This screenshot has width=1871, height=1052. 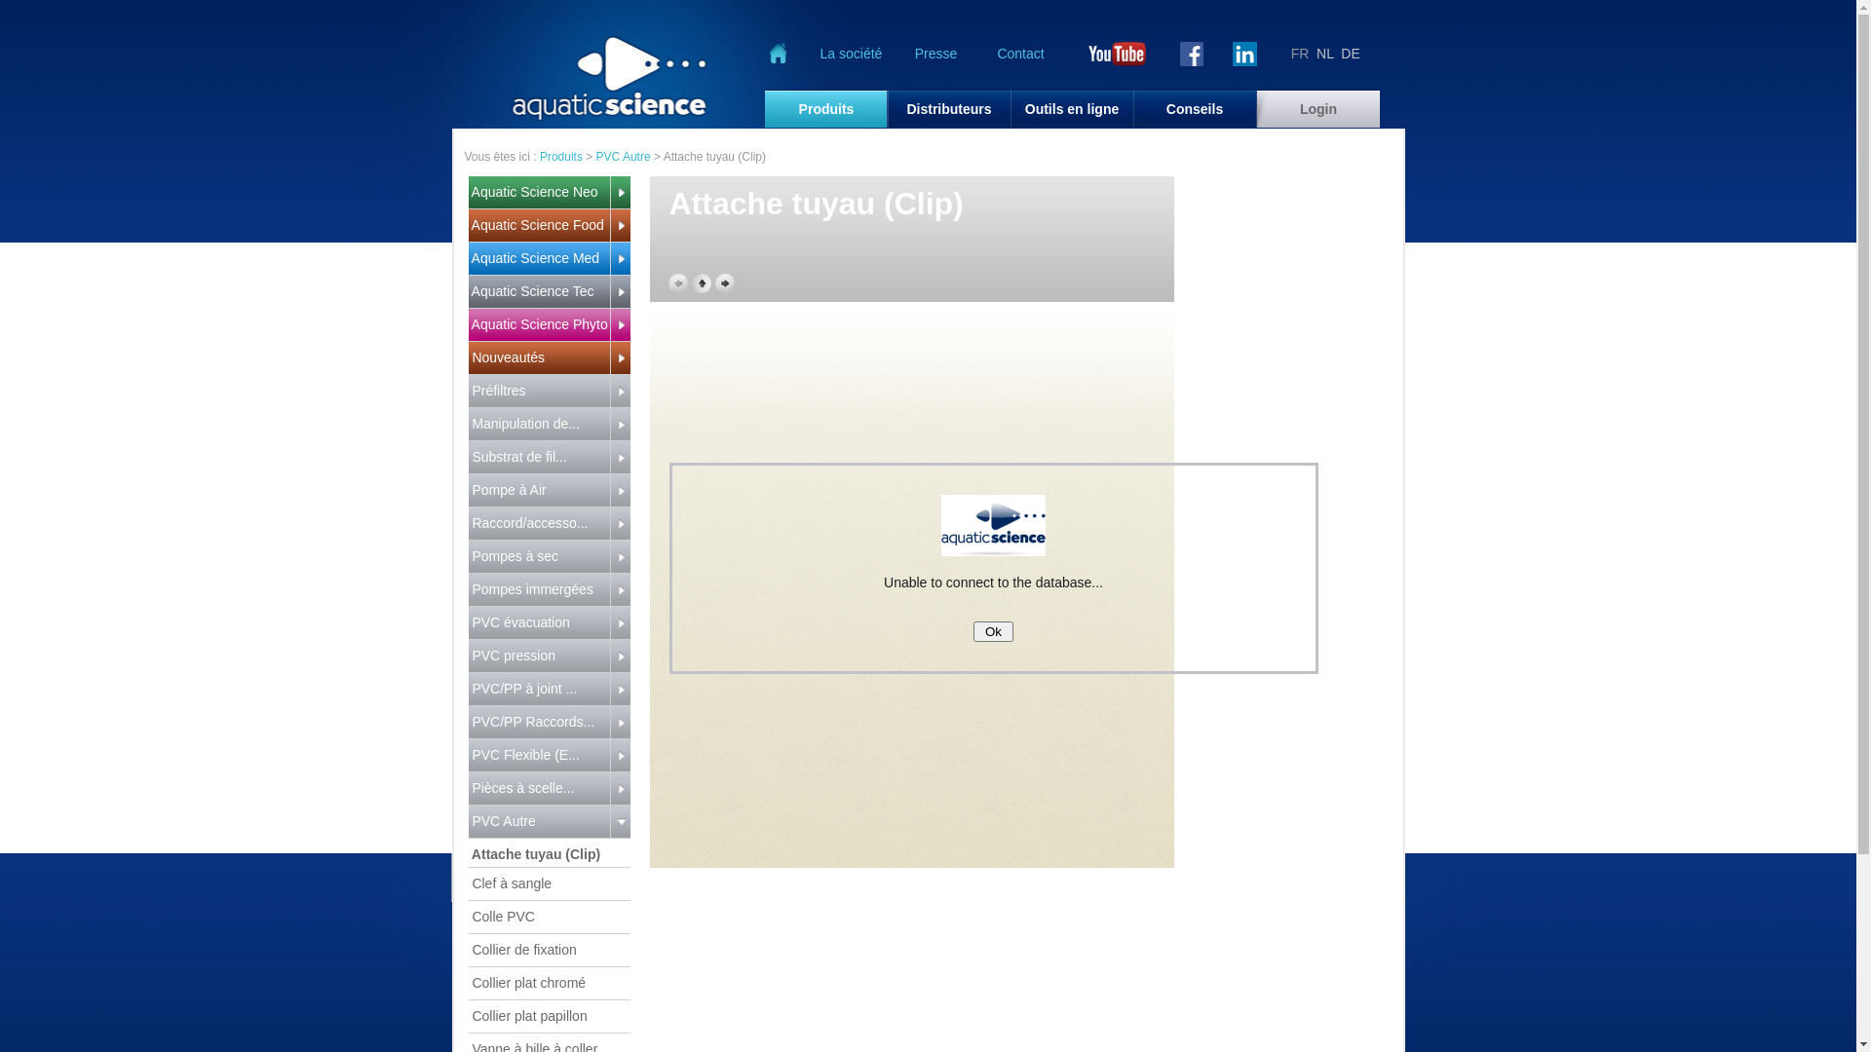 I want to click on 'Distributeurs', so click(x=949, y=108).